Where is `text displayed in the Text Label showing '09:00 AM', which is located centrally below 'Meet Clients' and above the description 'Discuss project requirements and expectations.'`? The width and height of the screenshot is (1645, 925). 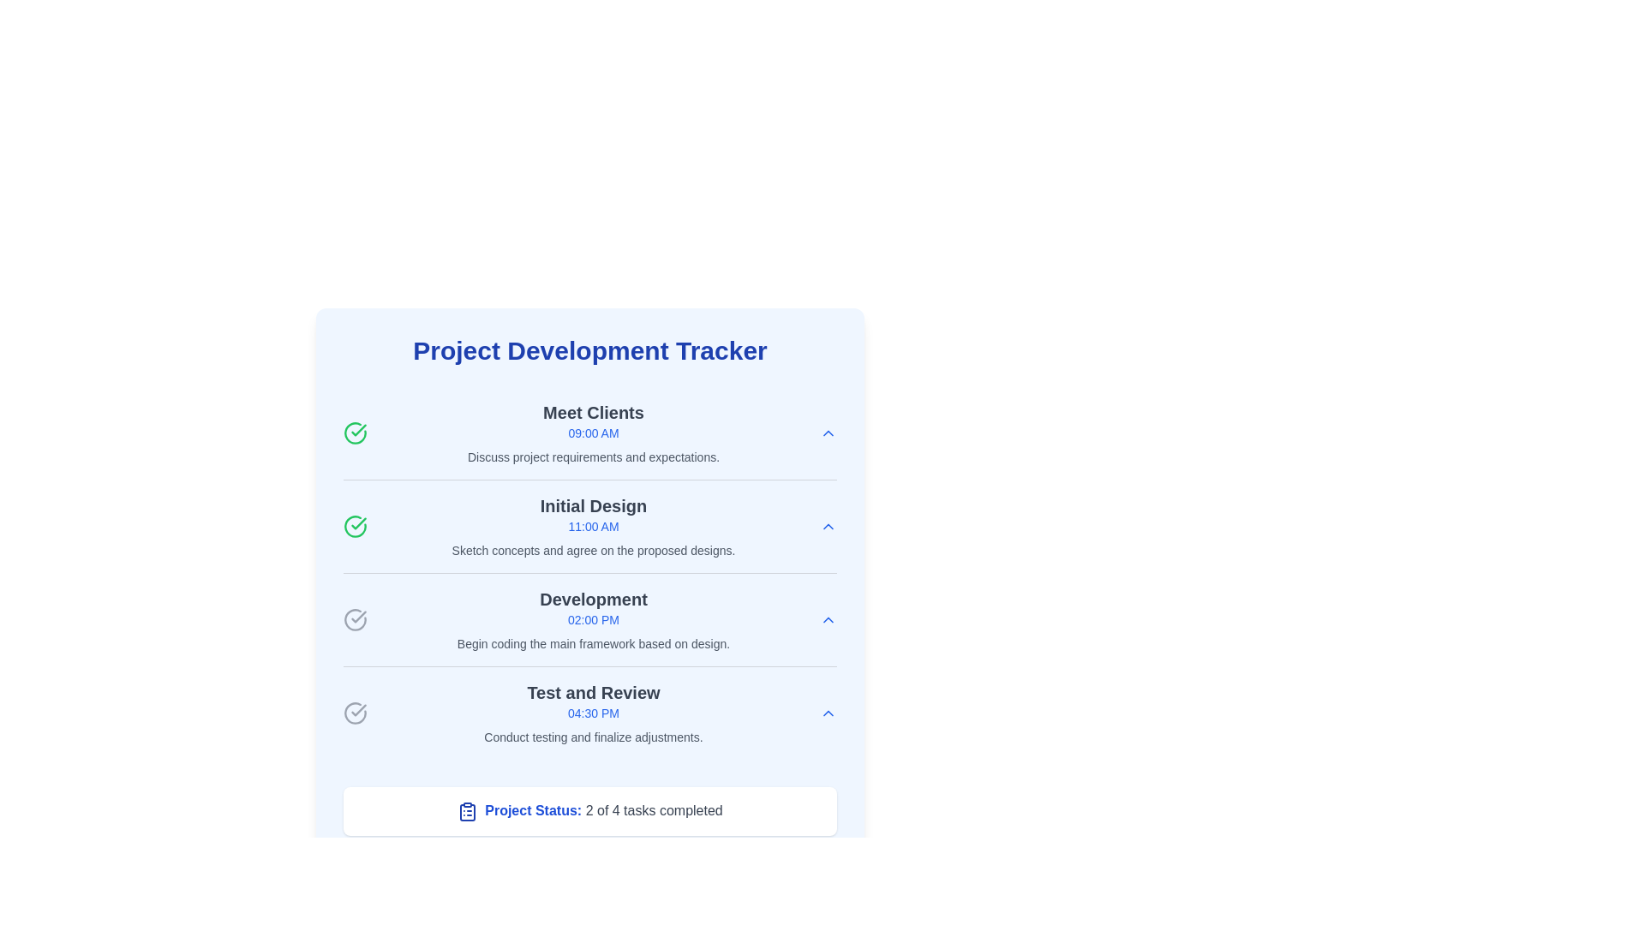
text displayed in the Text Label showing '09:00 AM', which is located centrally below 'Meet Clients' and above the description 'Discuss project requirements and expectations.' is located at coordinates (593, 432).